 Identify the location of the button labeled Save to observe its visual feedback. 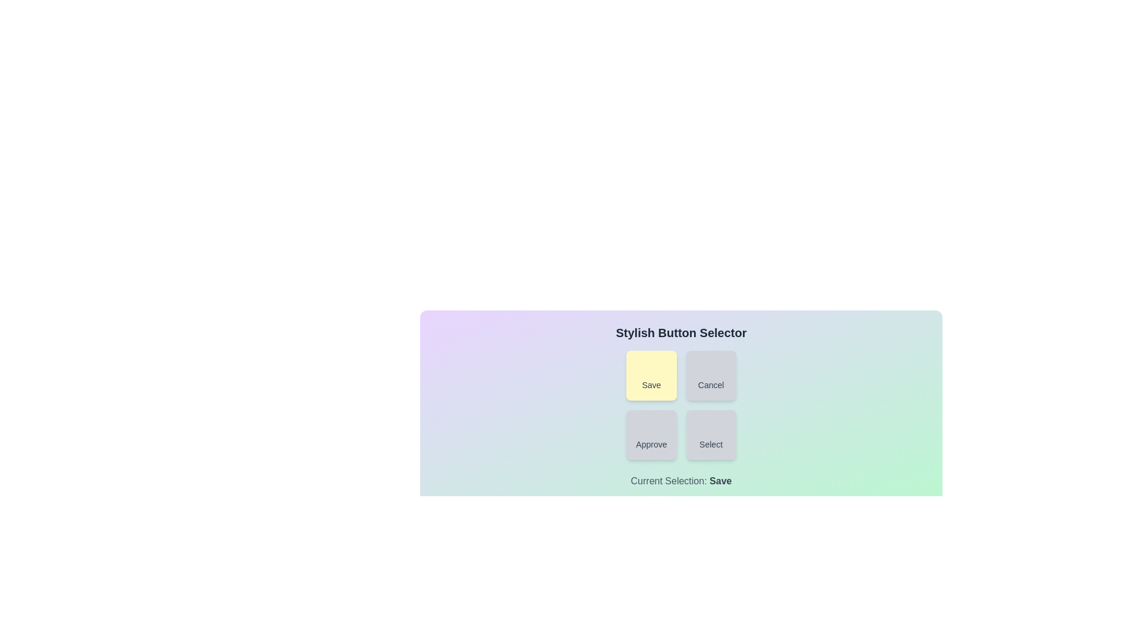
(650, 375).